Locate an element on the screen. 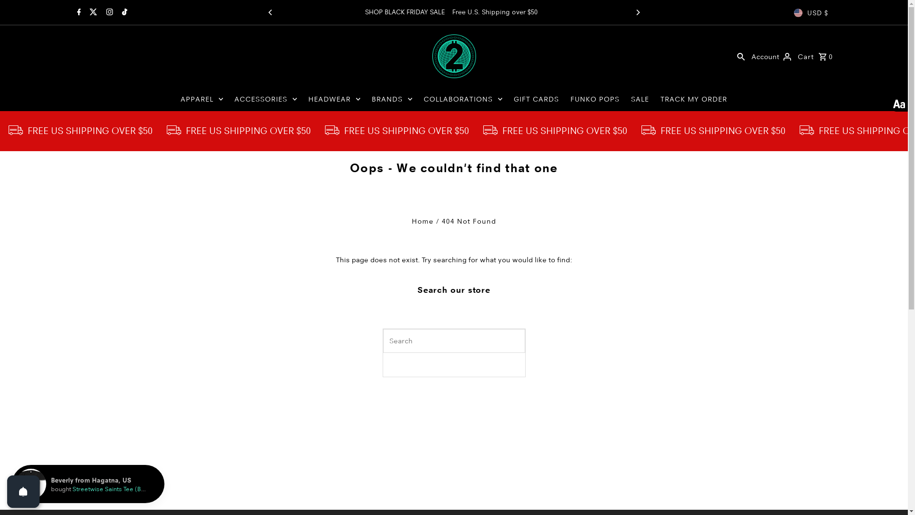 Image resolution: width=915 pixels, height=515 pixels. 'GIFT CARDS' is located at coordinates (536, 99).